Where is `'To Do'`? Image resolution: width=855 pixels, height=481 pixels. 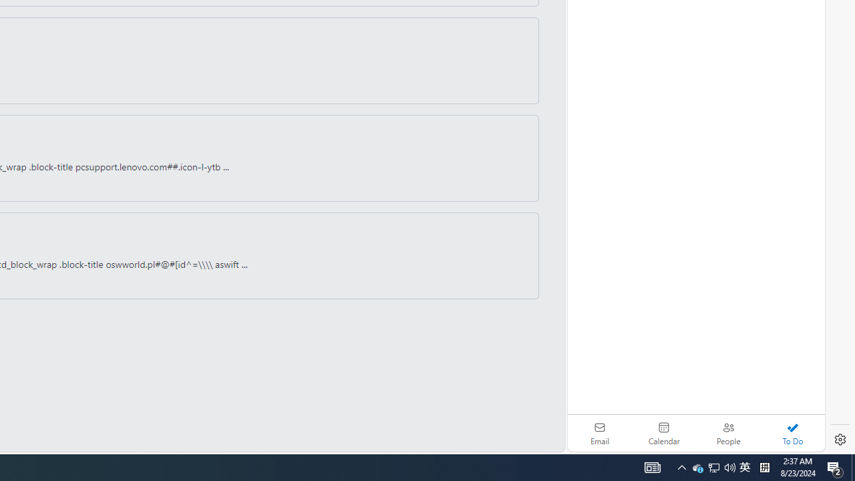
'To Do' is located at coordinates (792, 433).